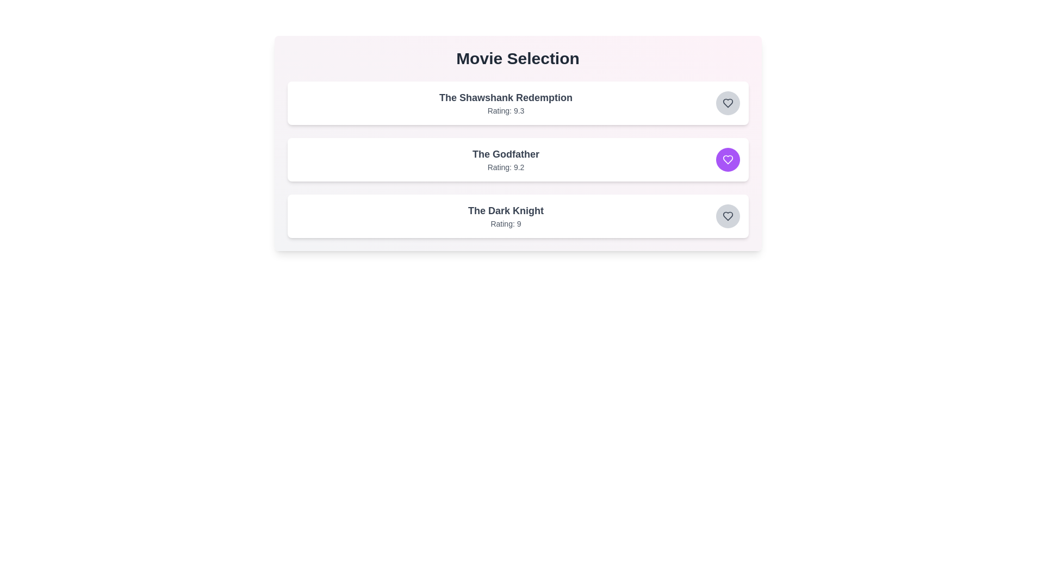  What do you see at coordinates (728, 103) in the screenshot?
I see `favorite button for the movie titled The Shawshank Redemption to toggle its favorite status` at bounding box center [728, 103].